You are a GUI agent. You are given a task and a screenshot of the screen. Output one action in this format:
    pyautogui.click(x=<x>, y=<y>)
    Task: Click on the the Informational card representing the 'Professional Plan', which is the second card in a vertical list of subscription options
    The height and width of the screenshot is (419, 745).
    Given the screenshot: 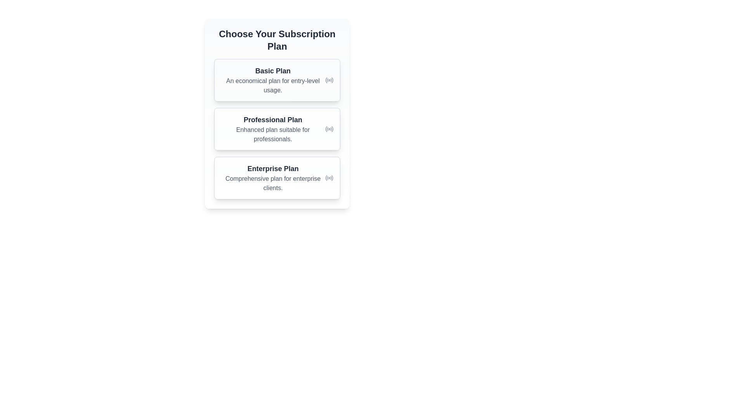 What is the action you would take?
    pyautogui.click(x=273, y=128)
    